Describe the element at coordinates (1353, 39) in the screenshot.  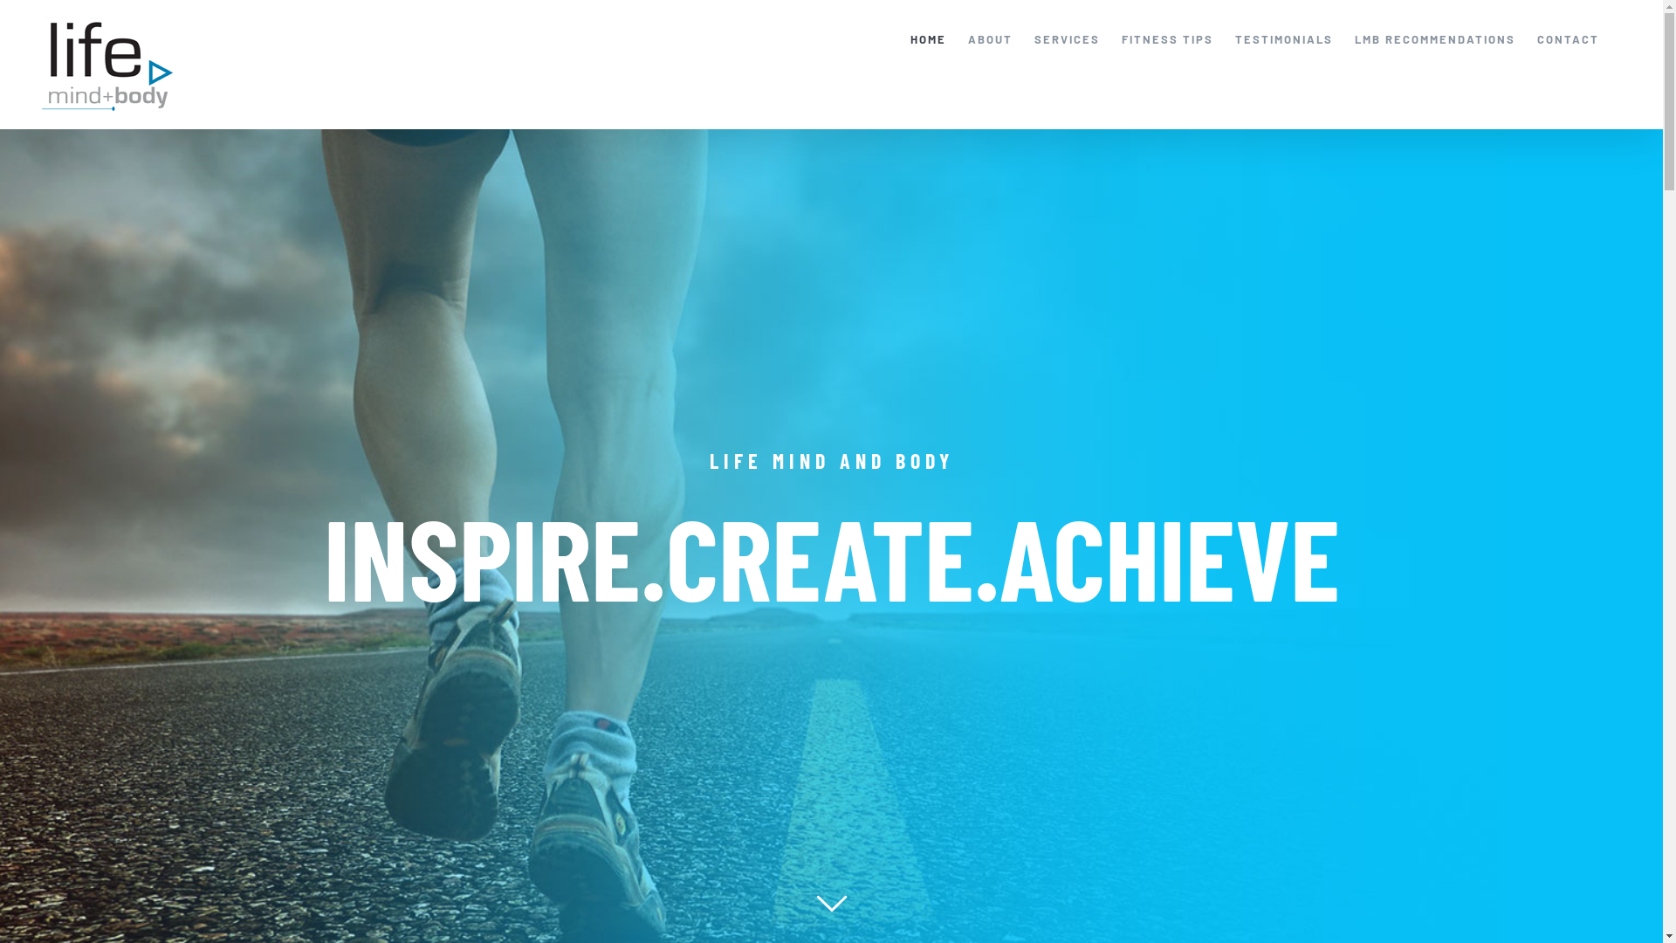
I see `'LMB RECOMMENDATIONS'` at that location.